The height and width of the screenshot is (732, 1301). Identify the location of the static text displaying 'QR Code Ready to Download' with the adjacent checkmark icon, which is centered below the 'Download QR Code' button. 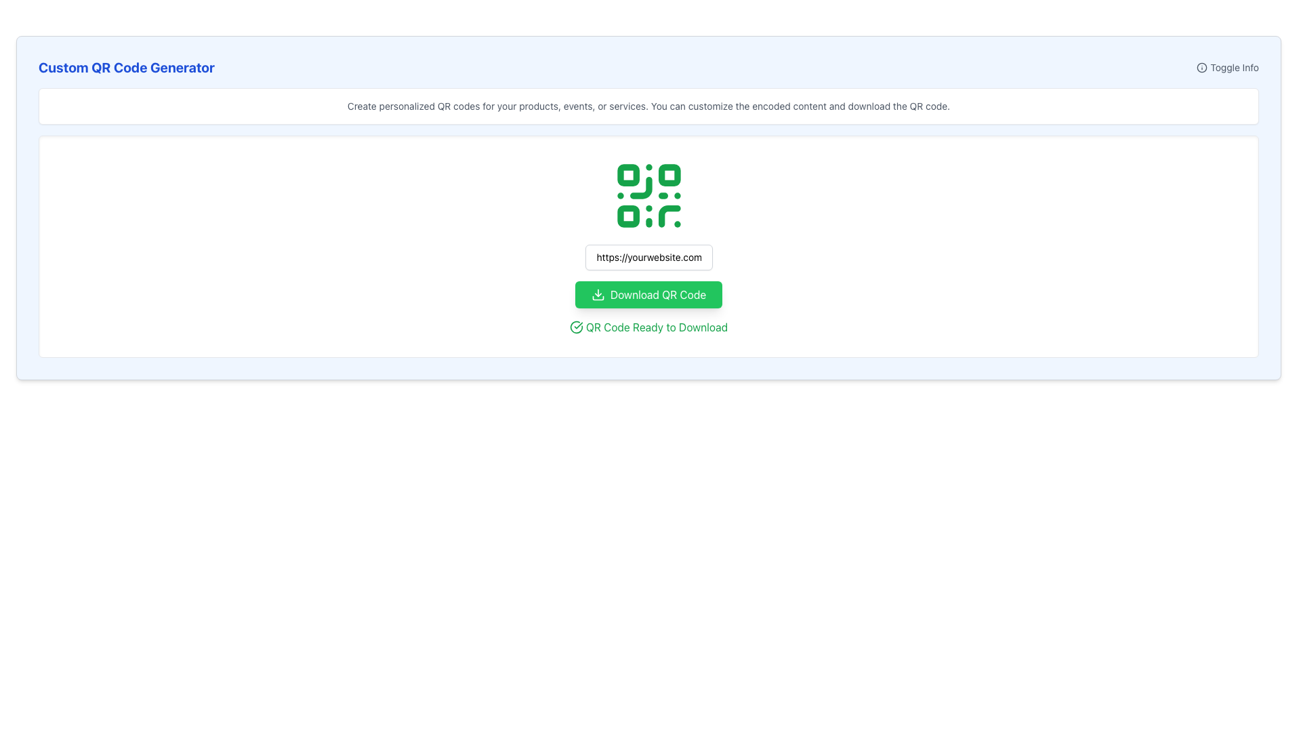
(648, 327).